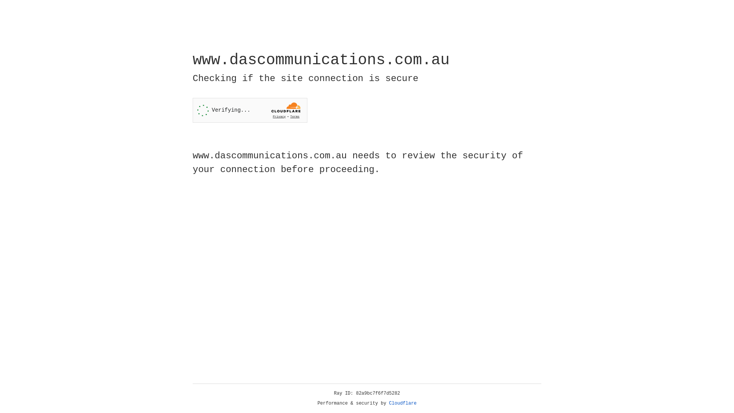 The height and width of the screenshot is (413, 734). What do you see at coordinates (403, 403) in the screenshot?
I see `'Cloudflare'` at bounding box center [403, 403].